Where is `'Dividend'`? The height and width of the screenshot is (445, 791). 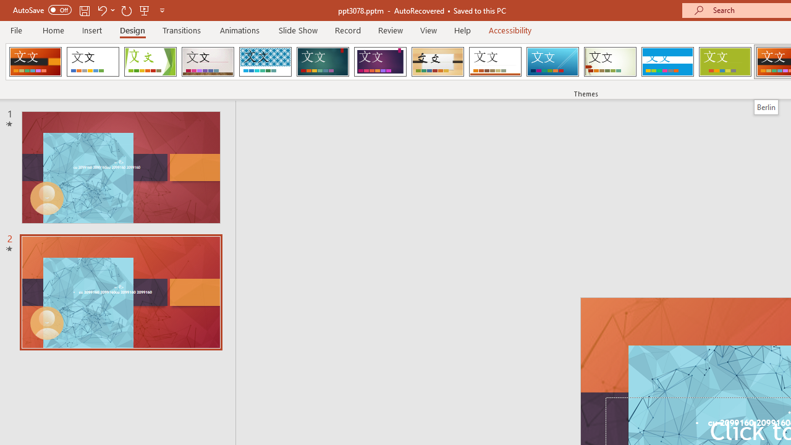
'Dividend' is located at coordinates (35, 62).